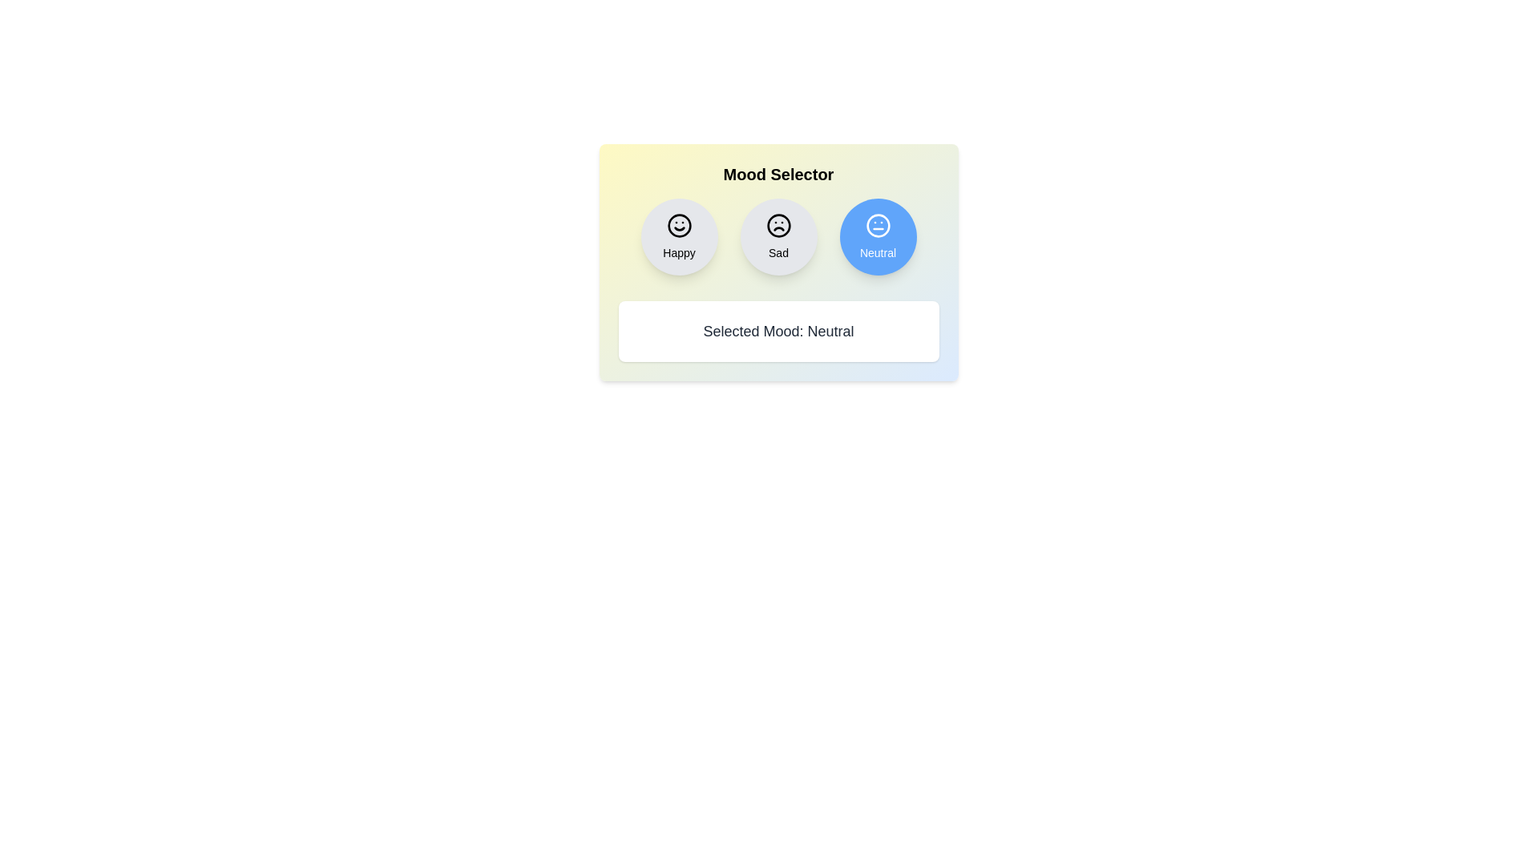  What do you see at coordinates (679, 237) in the screenshot?
I see `the mood button corresponding to Happy` at bounding box center [679, 237].